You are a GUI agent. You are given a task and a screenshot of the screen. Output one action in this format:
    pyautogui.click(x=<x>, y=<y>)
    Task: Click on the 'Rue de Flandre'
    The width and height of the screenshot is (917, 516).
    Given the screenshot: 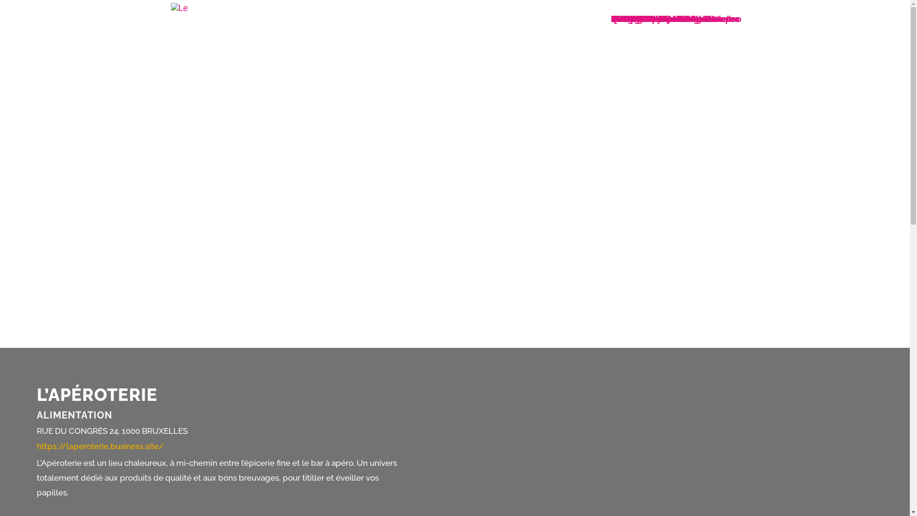 What is the action you would take?
    pyautogui.click(x=642, y=19)
    